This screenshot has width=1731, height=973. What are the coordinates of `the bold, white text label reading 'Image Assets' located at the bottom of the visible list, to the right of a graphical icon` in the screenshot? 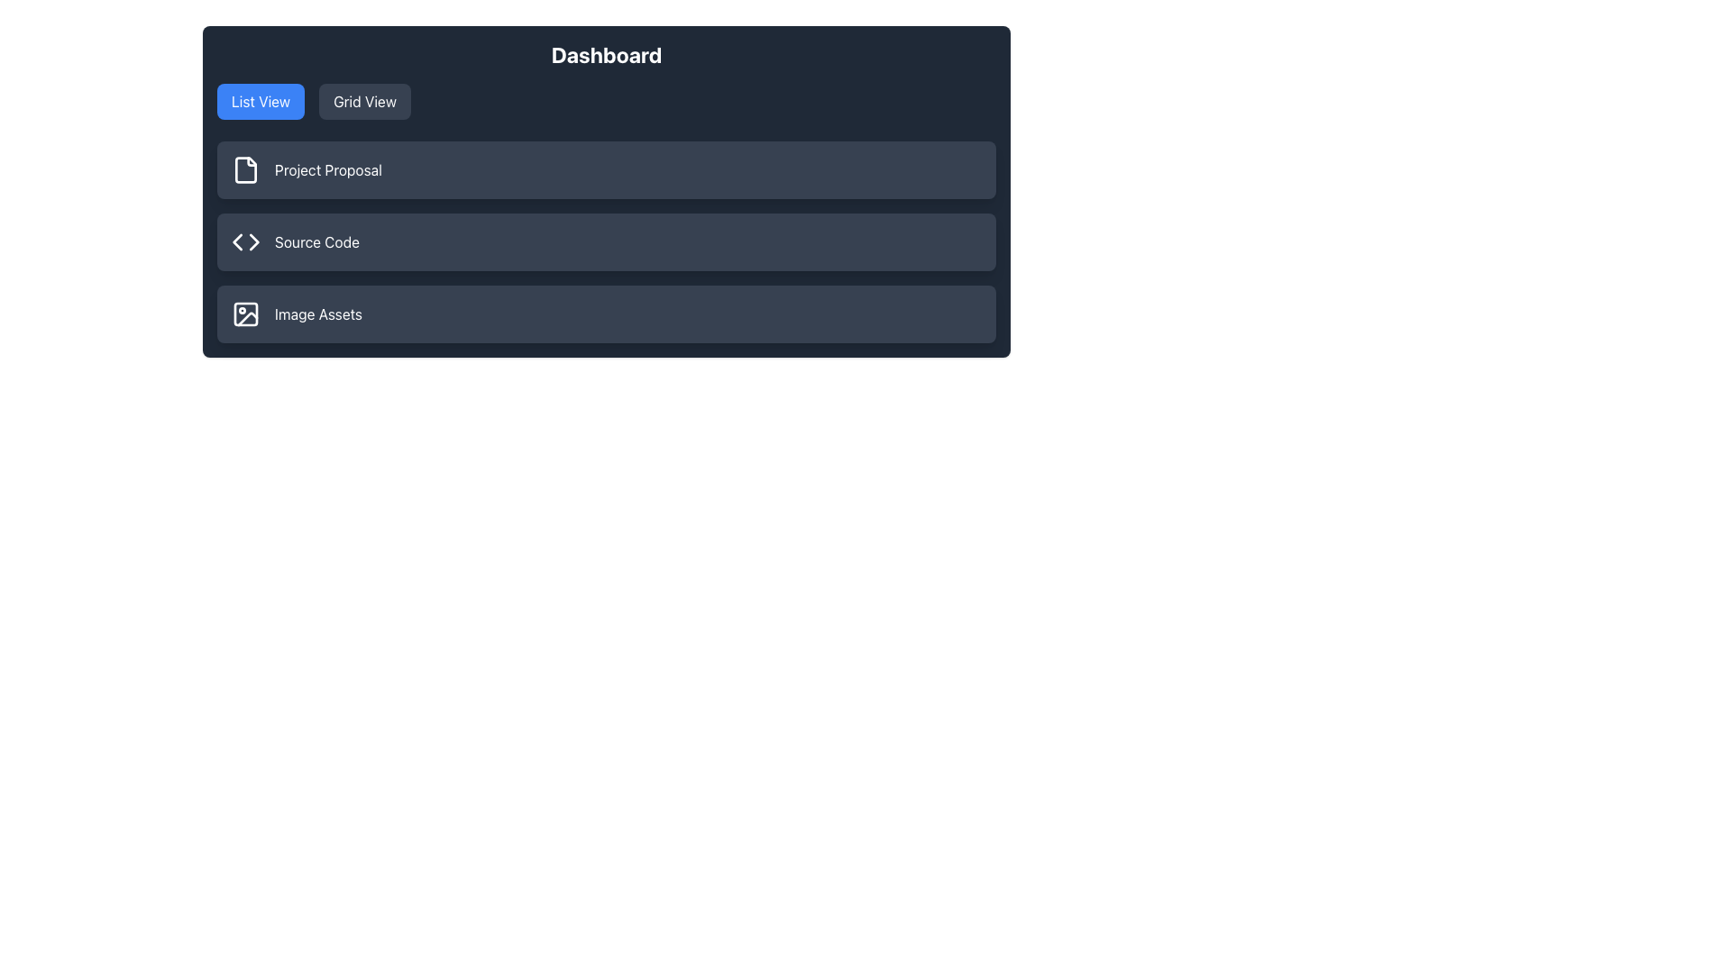 It's located at (318, 313).